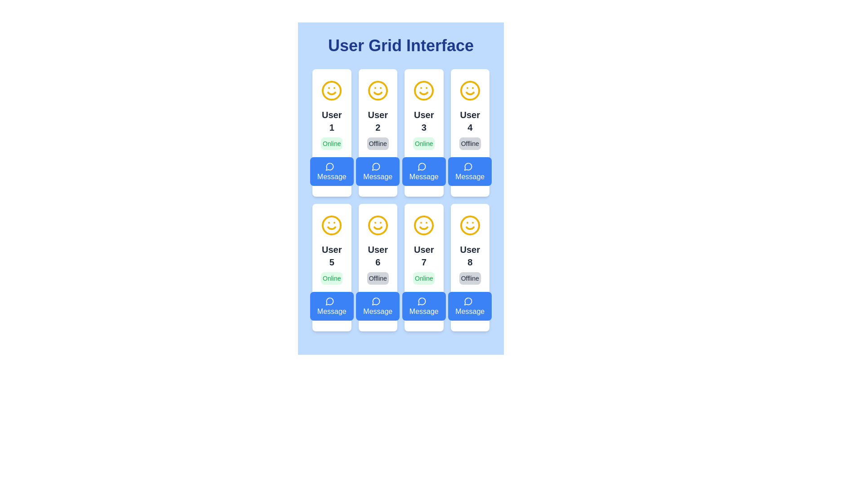 This screenshot has height=485, width=863. I want to click on the smiley face icon representing the user's mood in the profile card labeled 'User 1', located in the first column of the first row of the user grid interface, so click(331, 90).